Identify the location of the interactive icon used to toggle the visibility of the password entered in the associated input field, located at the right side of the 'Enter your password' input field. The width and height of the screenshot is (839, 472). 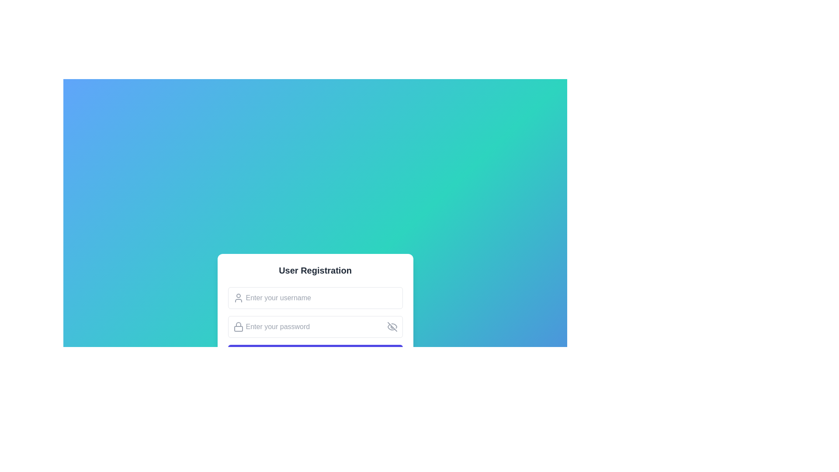
(392, 327).